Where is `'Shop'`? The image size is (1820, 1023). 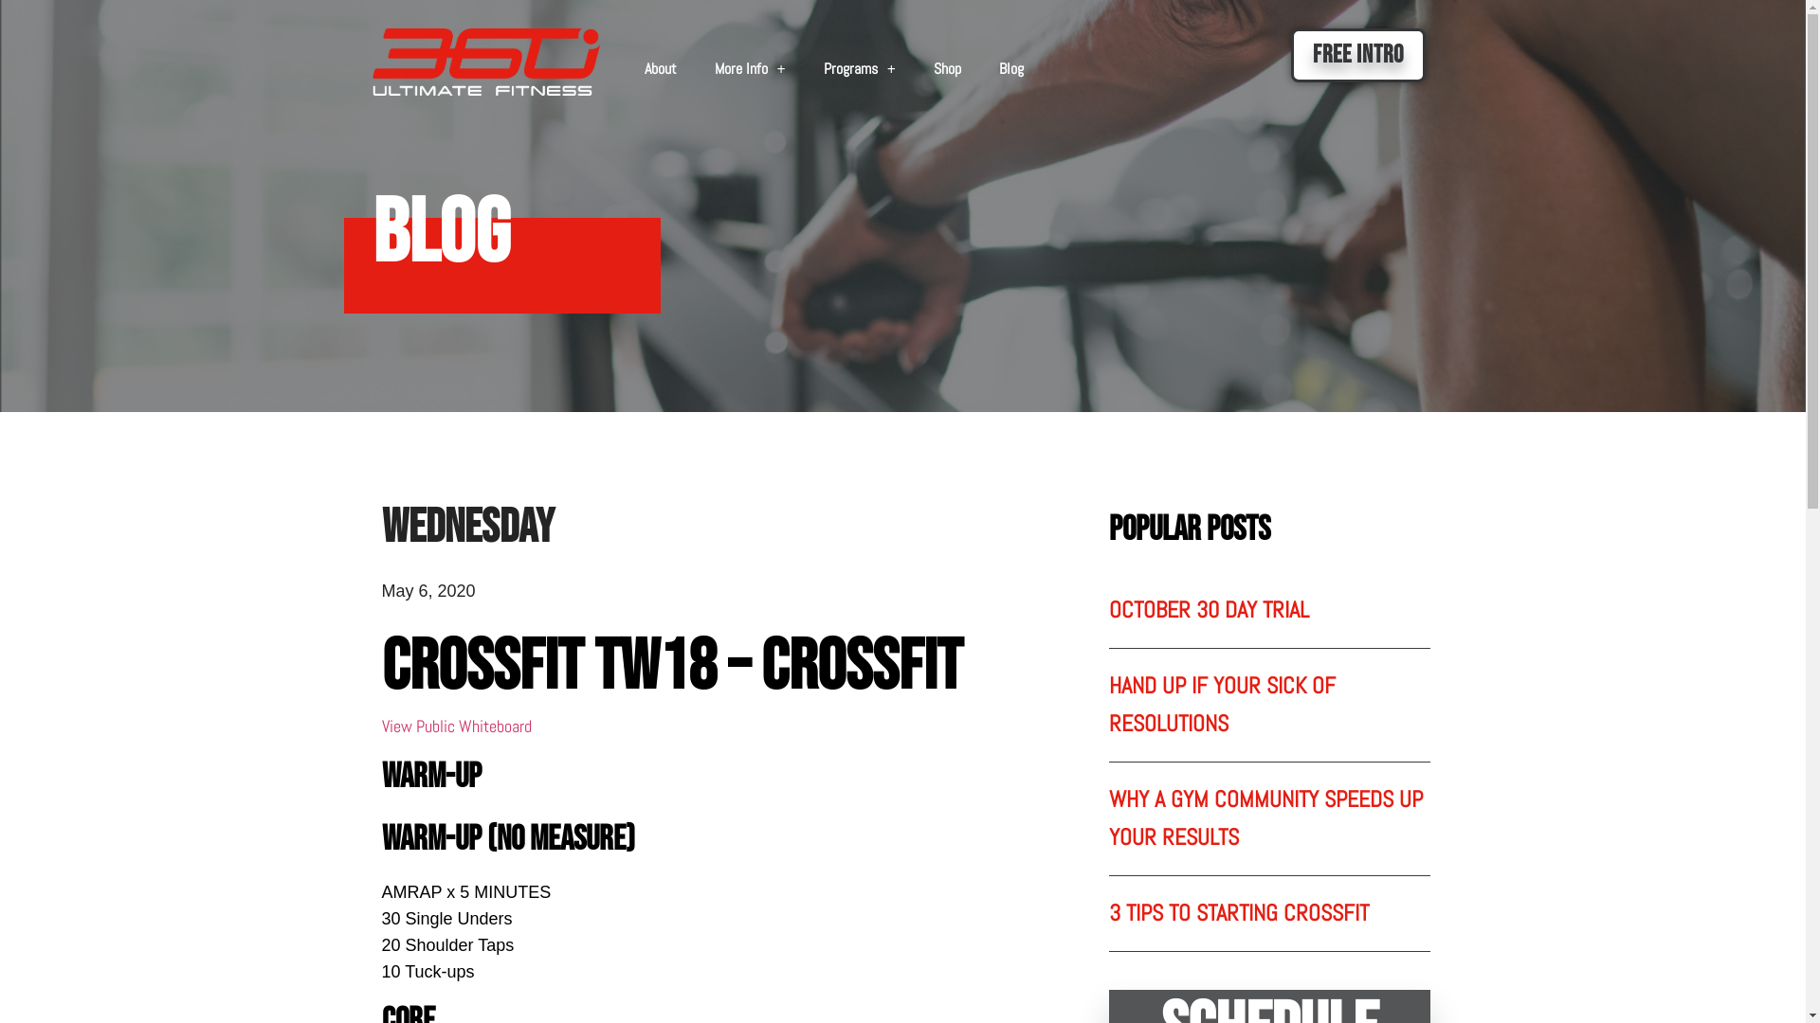
'Shop' is located at coordinates (947, 68).